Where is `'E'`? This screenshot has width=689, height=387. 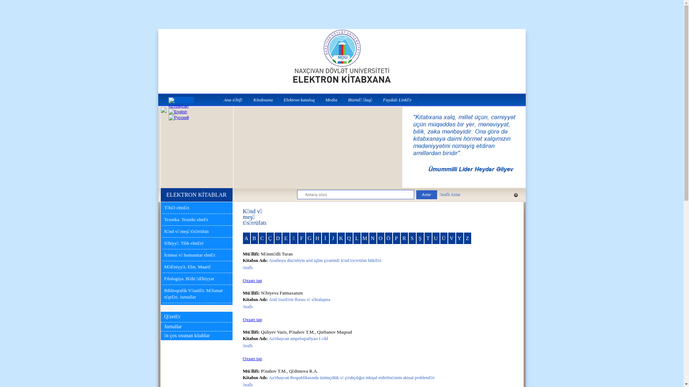 'E' is located at coordinates (284, 238).